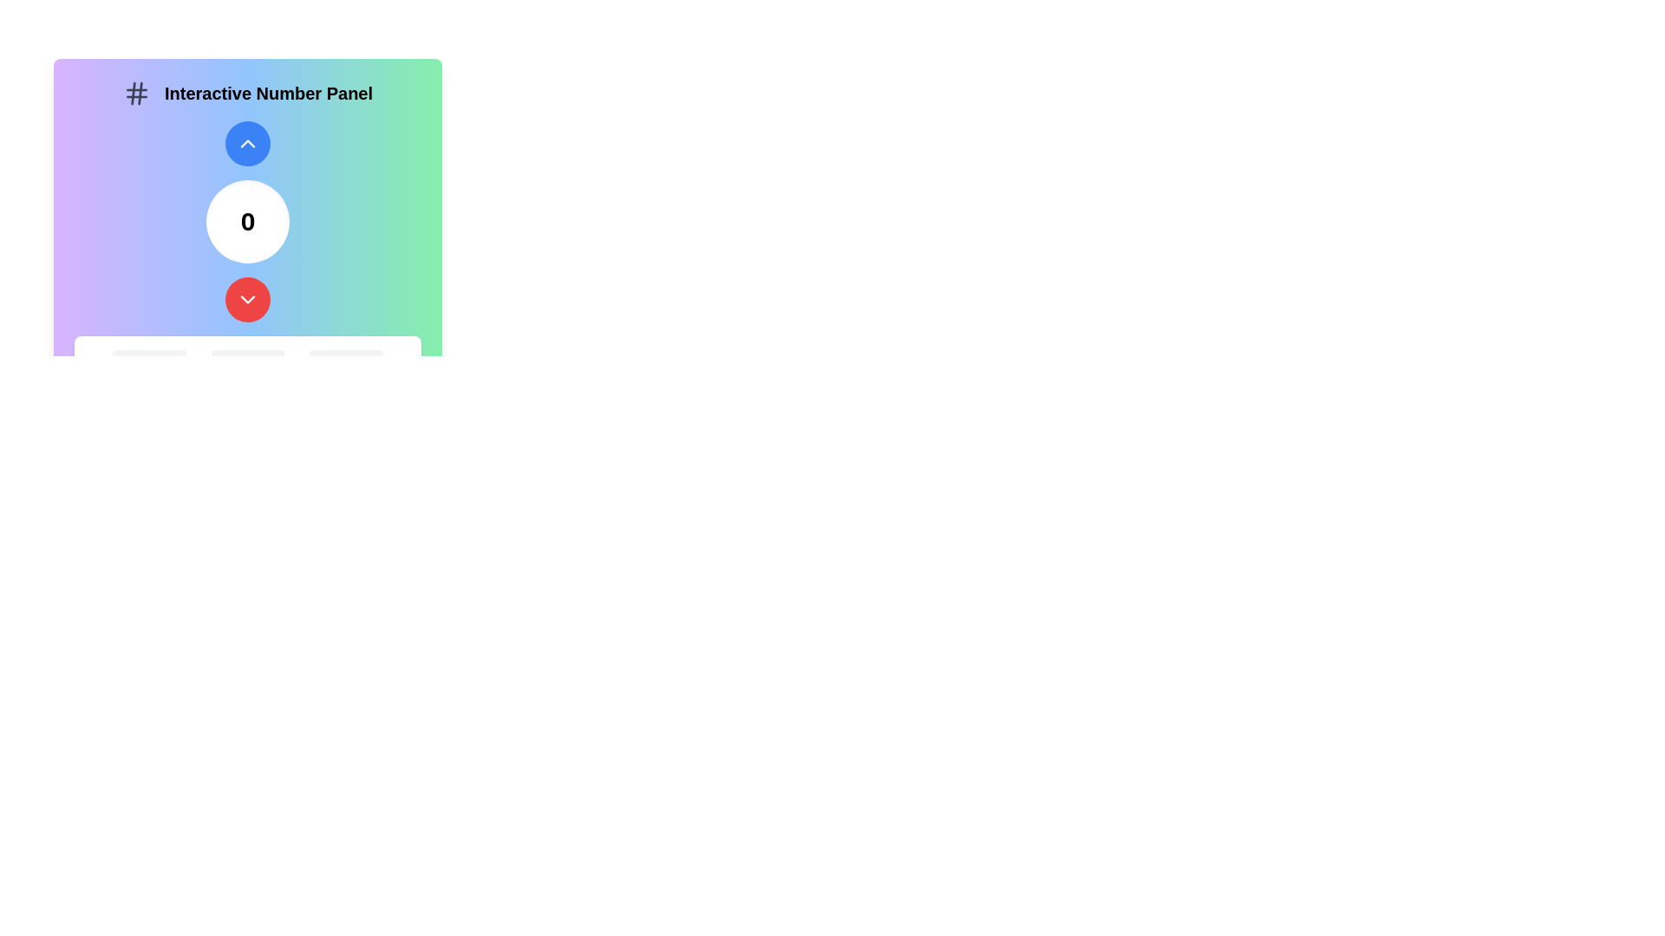 This screenshot has width=1665, height=936. Describe the element at coordinates (247, 220) in the screenshot. I see `the main numeric value display text element, which is located between the blue upward-pointing chevron button above and the red downward-pointing chevron button below` at that location.